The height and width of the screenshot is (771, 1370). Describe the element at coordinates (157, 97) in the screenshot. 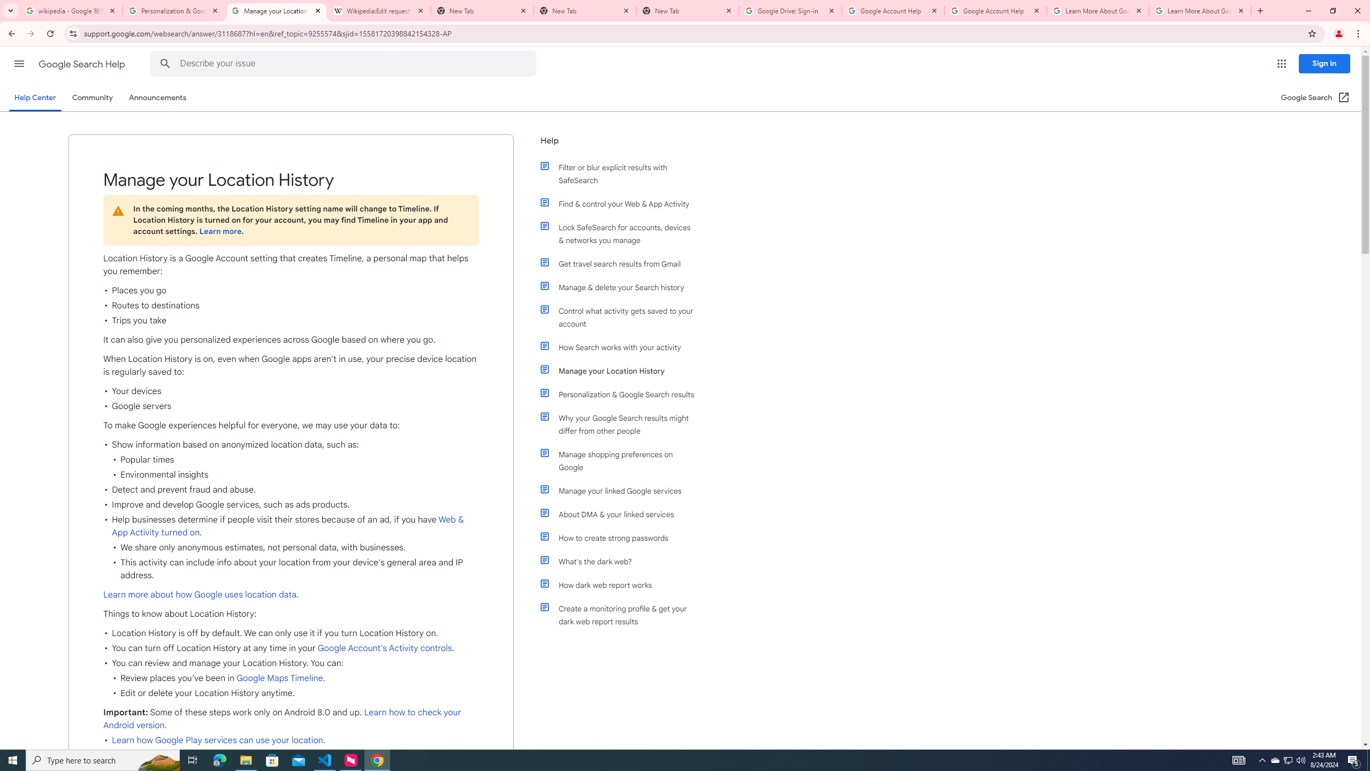

I see `'Announcements'` at that location.